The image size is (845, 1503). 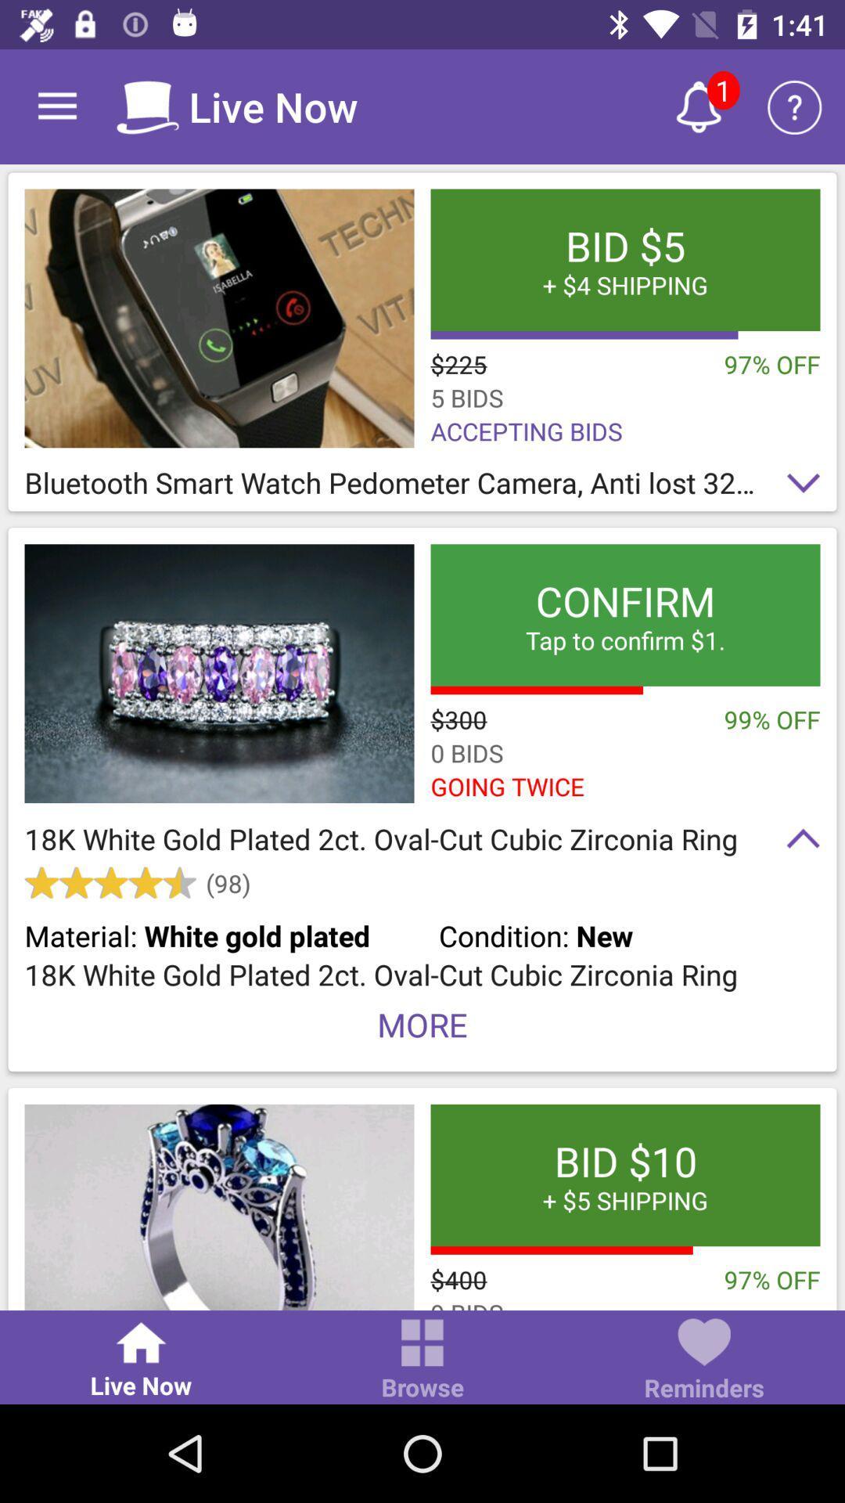 What do you see at coordinates (219, 1206) in the screenshot?
I see `product selection` at bounding box center [219, 1206].